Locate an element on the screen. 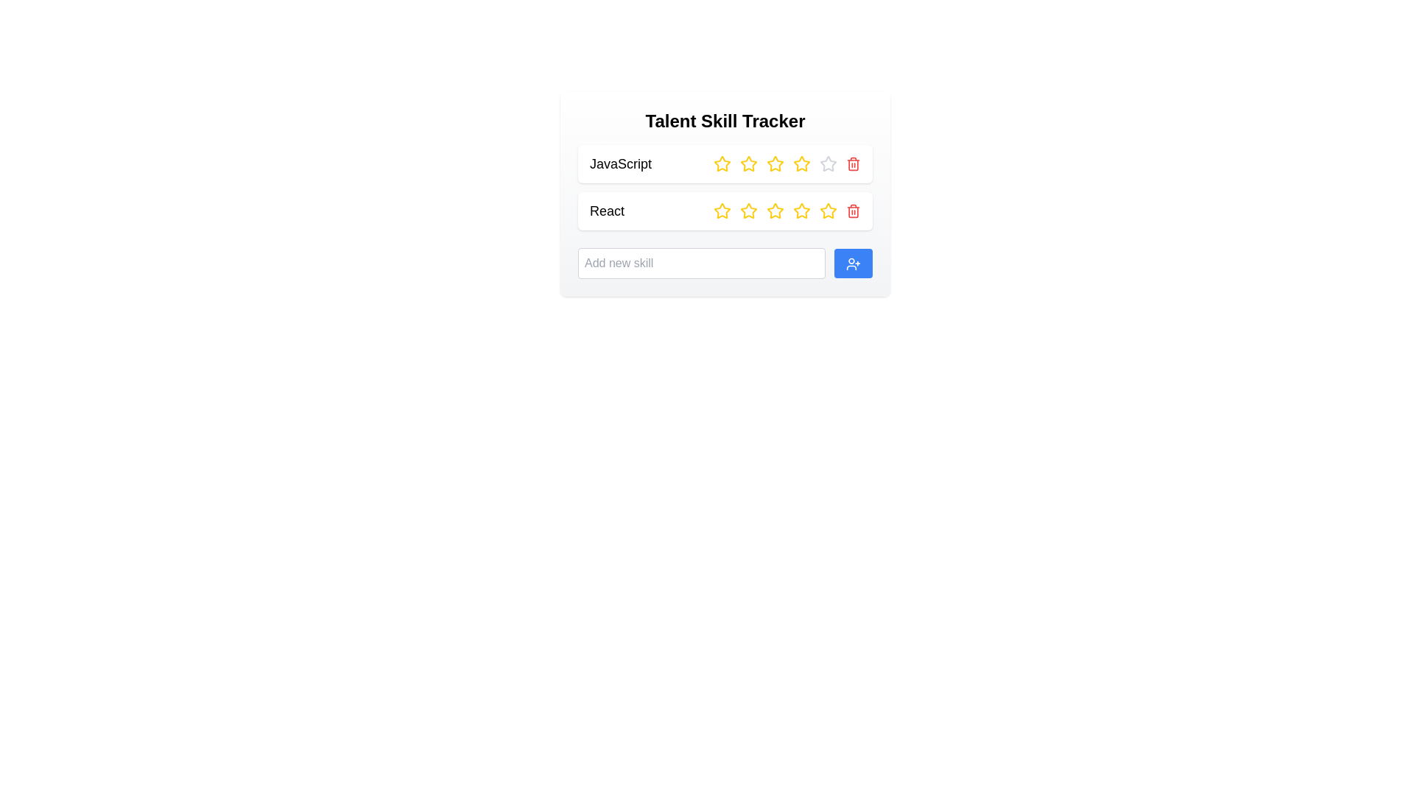 The width and height of the screenshot is (1414, 795). the third star icon for rating associated with the skill 'React' is located at coordinates (749, 211).